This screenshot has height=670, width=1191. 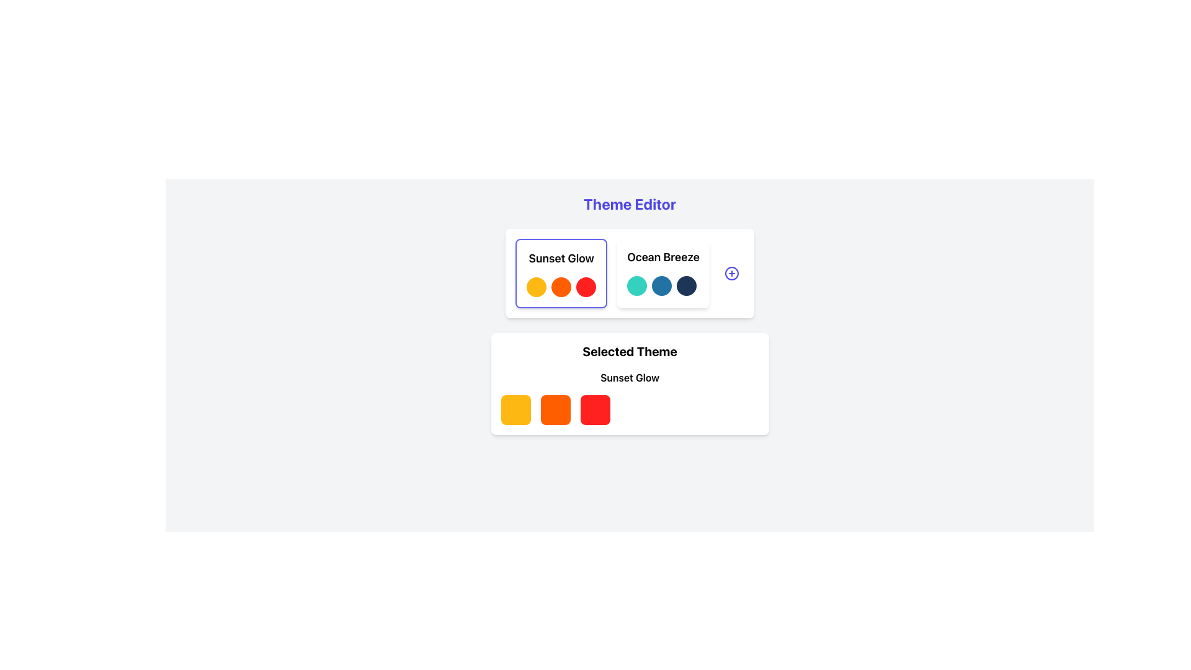 I want to click on the right-most circular dark blue icon in the 'Ocean Breeze' section of the theme editor interface, so click(x=686, y=286).